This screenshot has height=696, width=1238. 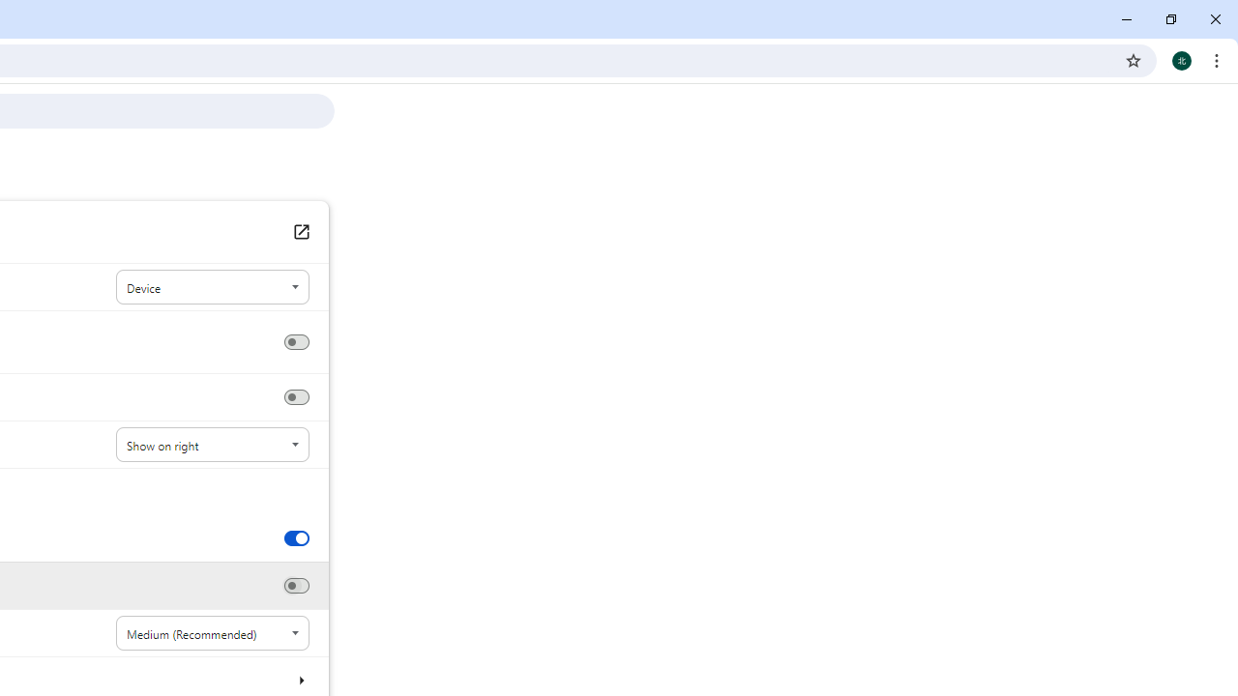 What do you see at coordinates (295, 585) in the screenshot?
I see `'Show tab memory usage'` at bounding box center [295, 585].